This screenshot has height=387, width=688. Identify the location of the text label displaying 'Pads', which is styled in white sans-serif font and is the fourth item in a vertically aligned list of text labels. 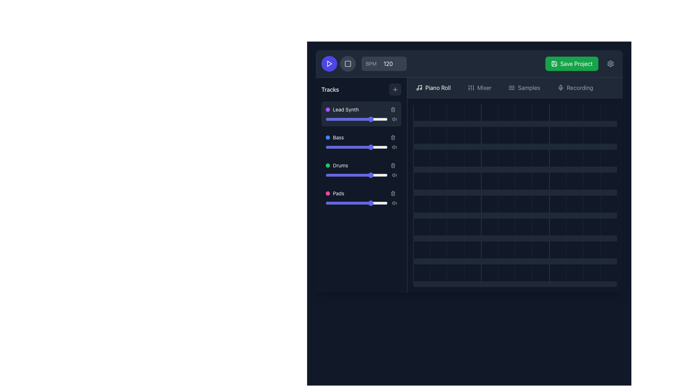
(338, 193).